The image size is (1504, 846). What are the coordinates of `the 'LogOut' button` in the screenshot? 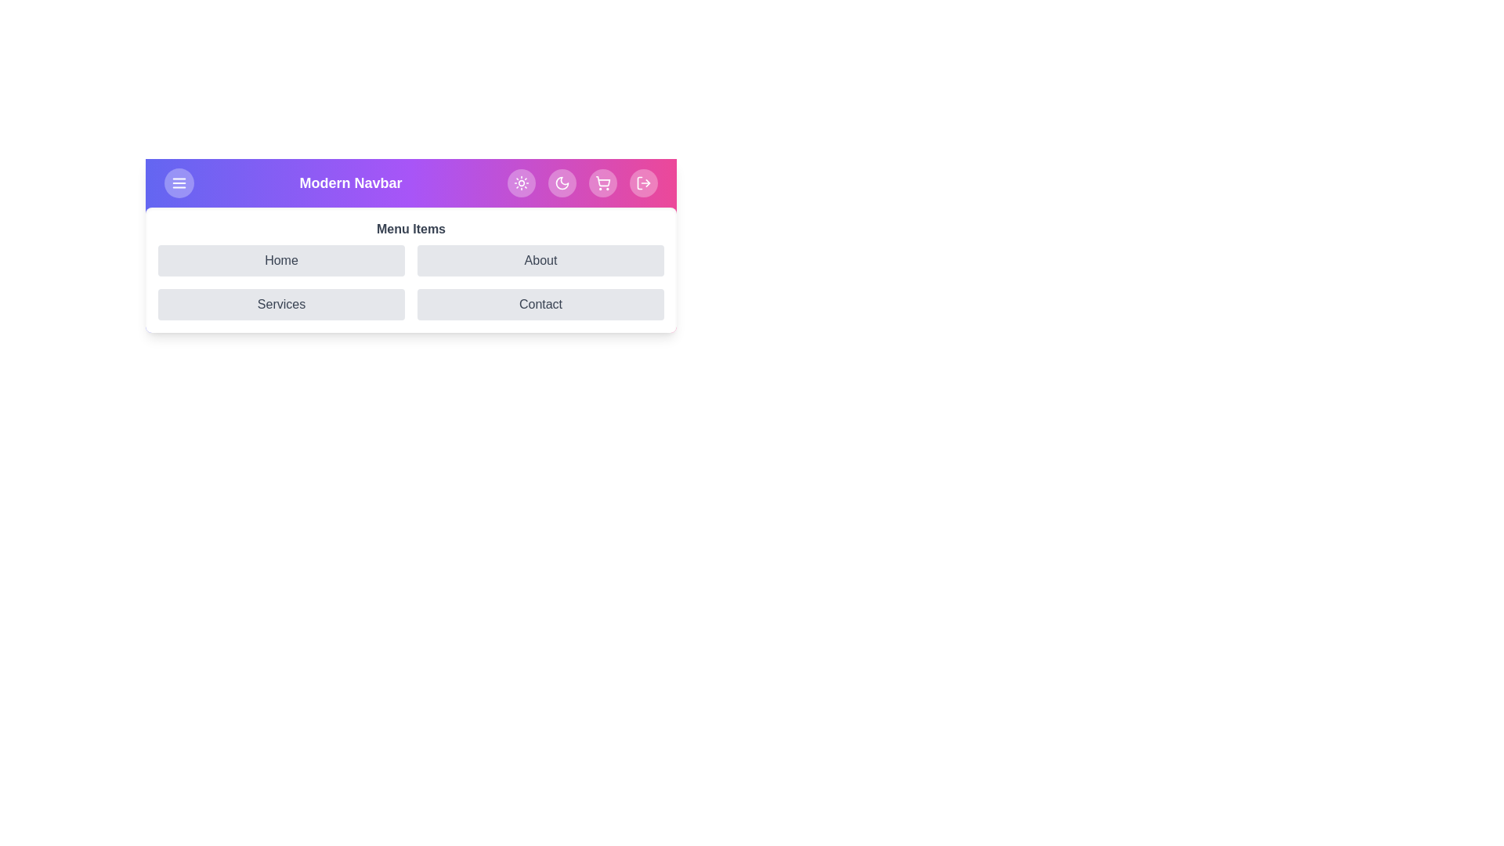 It's located at (643, 183).